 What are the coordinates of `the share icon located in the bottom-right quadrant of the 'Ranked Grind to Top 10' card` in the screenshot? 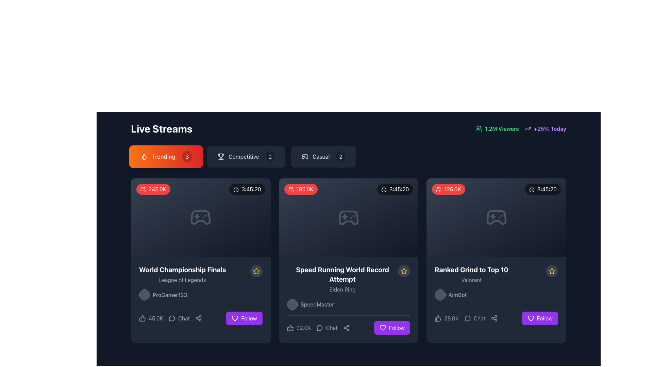 It's located at (496, 315).